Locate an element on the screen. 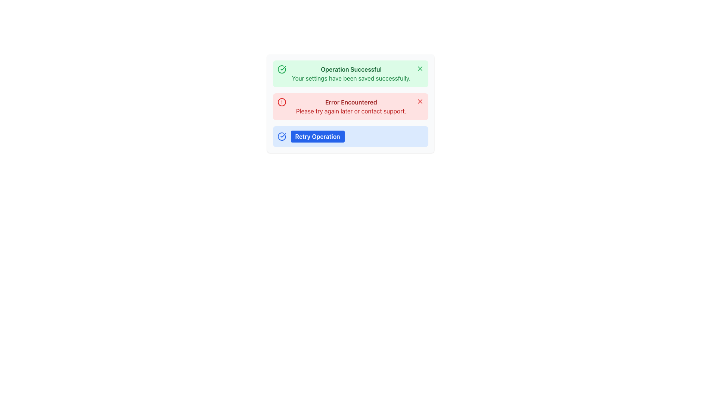 Image resolution: width=717 pixels, height=403 pixels. the prominently styled blue button labeled 'Retry Operation' is located at coordinates (317, 137).